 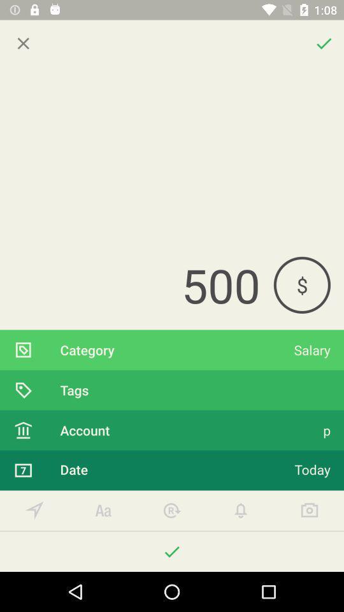 I want to click on $ on the right, so click(x=301, y=285).